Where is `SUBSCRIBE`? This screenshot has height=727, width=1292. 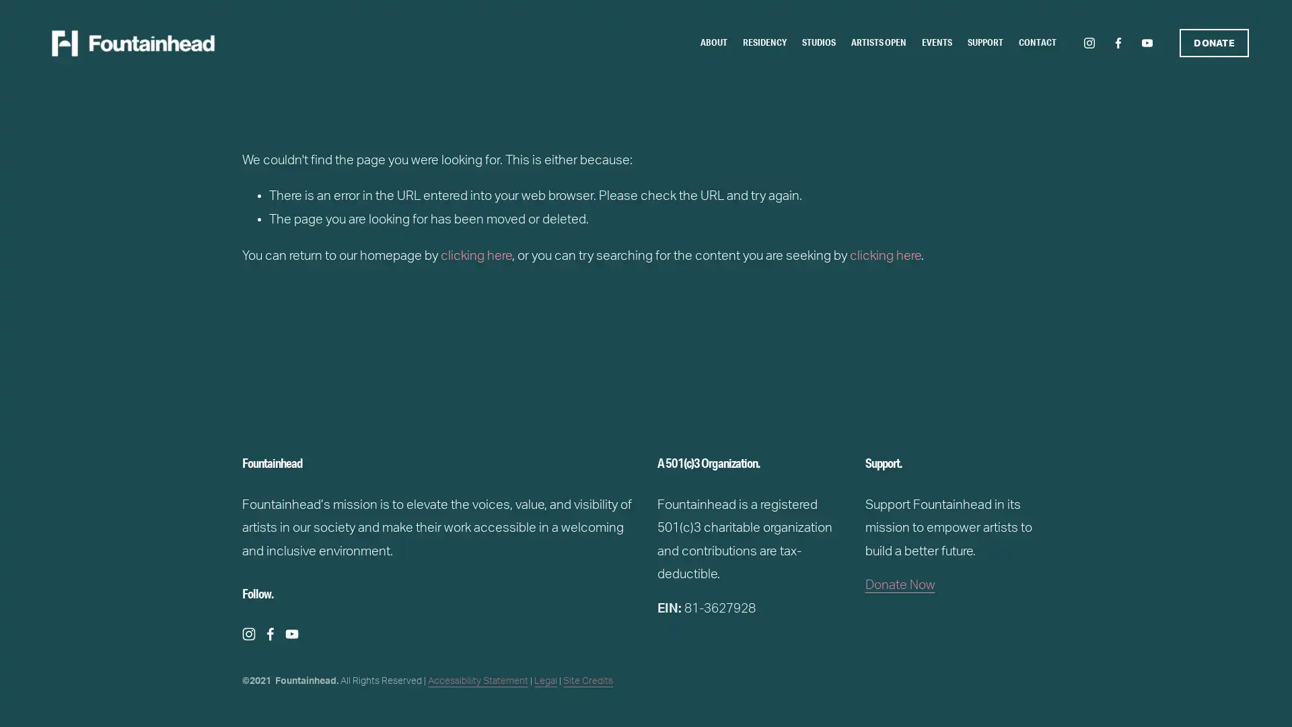 SUBSCRIBE is located at coordinates (758, 392).